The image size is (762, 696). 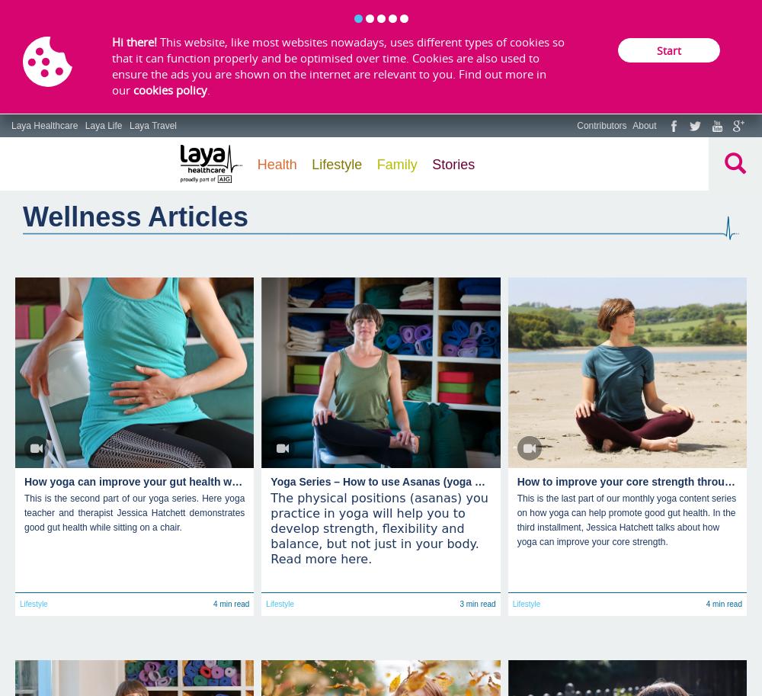 What do you see at coordinates (207, 88) in the screenshot?
I see `'.'` at bounding box center [207, 88].